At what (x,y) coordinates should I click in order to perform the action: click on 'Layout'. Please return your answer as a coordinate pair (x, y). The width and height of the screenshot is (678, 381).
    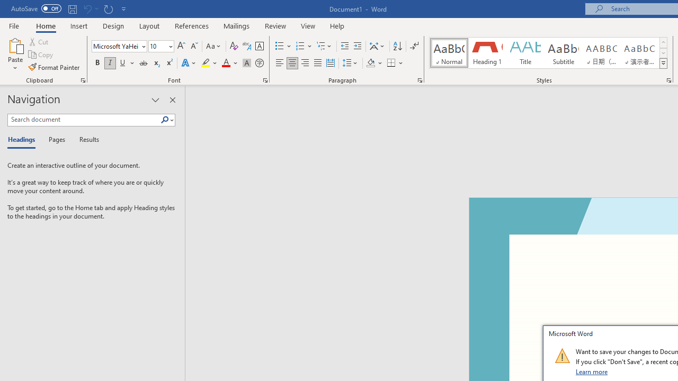
    Looking at the image, I should click on (149, 25).